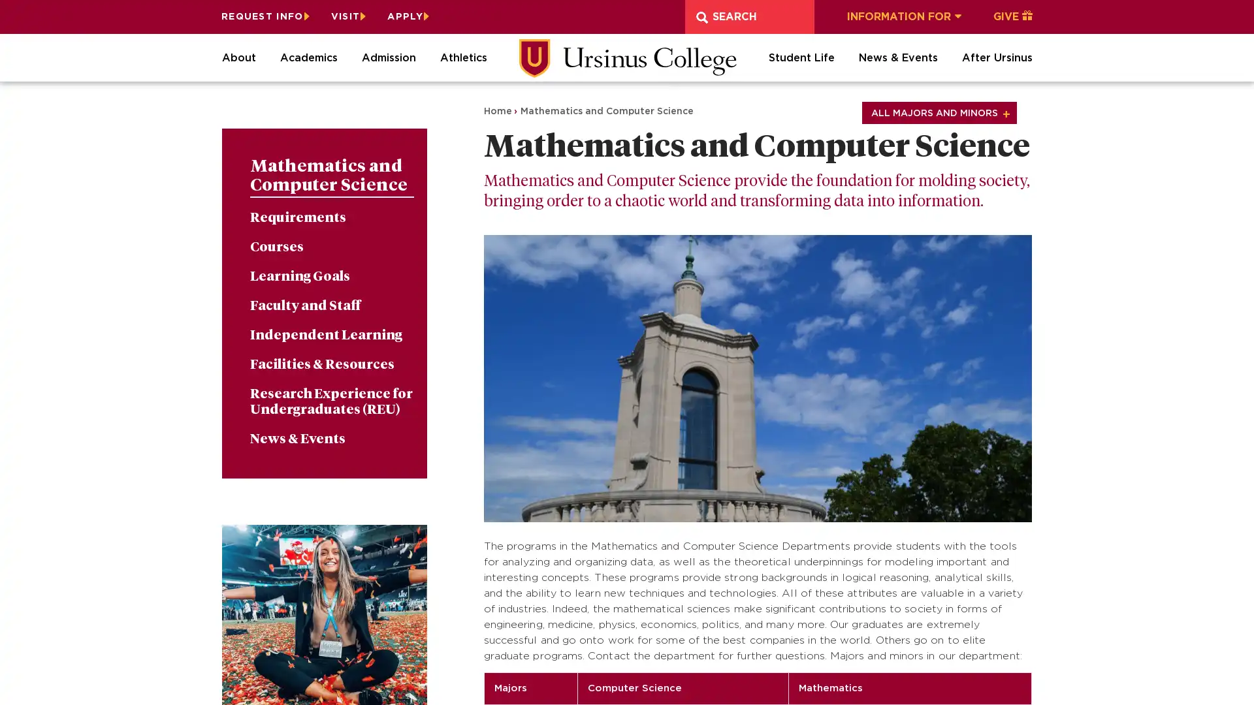  Describe the element at coordinates (701, 17) in the screenshot. I see `Search Maginifying Glass` at that location.